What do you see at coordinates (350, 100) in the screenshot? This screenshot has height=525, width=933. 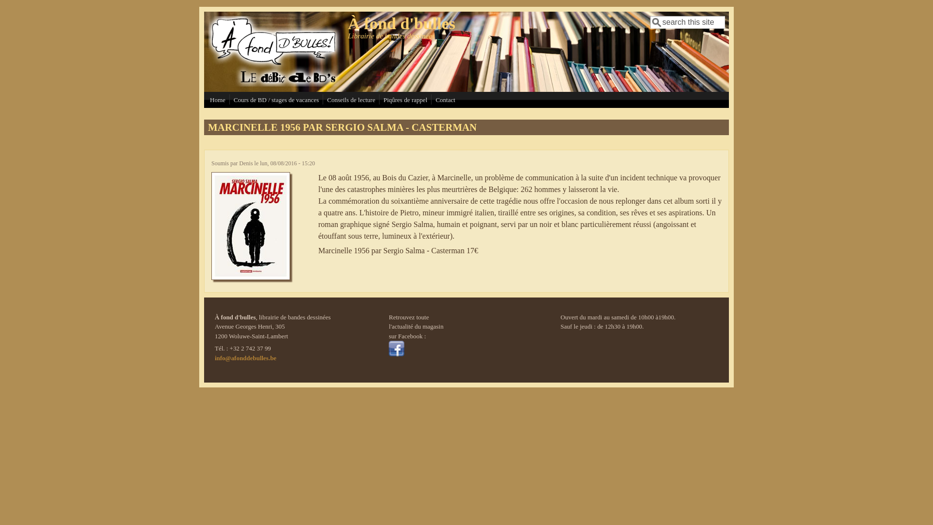 I see `'Conseils de lecture'` at bounding box center [350, 100].